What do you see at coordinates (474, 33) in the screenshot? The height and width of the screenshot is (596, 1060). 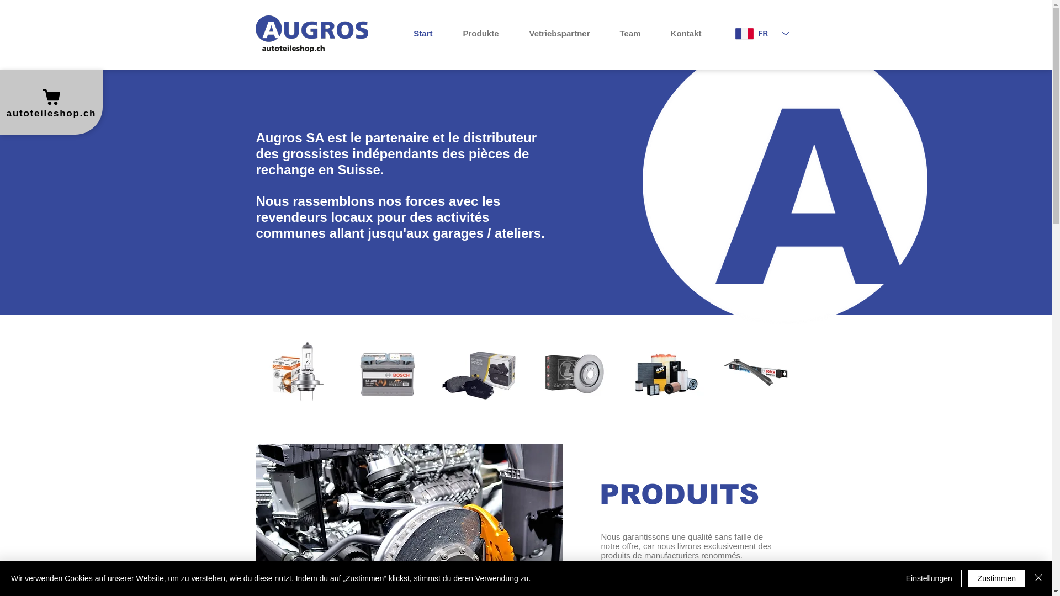 I see `'Produkte'` at bounding box center [474, 33].